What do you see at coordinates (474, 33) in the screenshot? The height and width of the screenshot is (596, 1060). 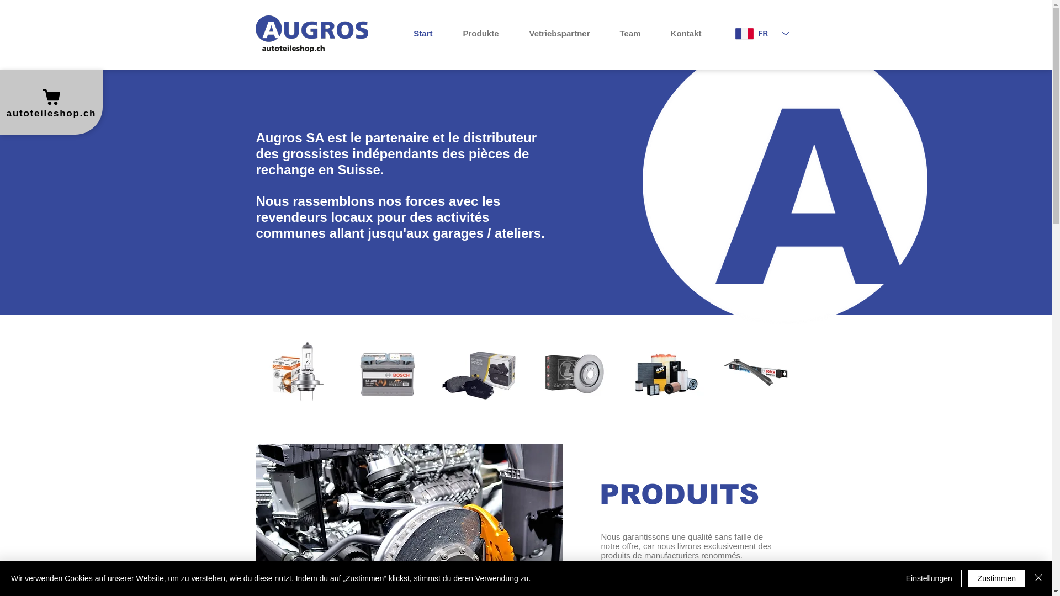 I see `'Produkte'` at bounding box center [474, 33].